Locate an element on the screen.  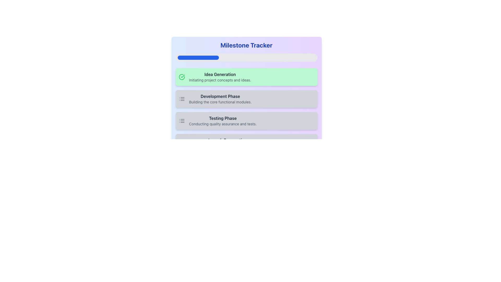
the blue progress bar indicating 30% completion, located below the 'Milestone Tracker' title is located at coordinates (198, 57).